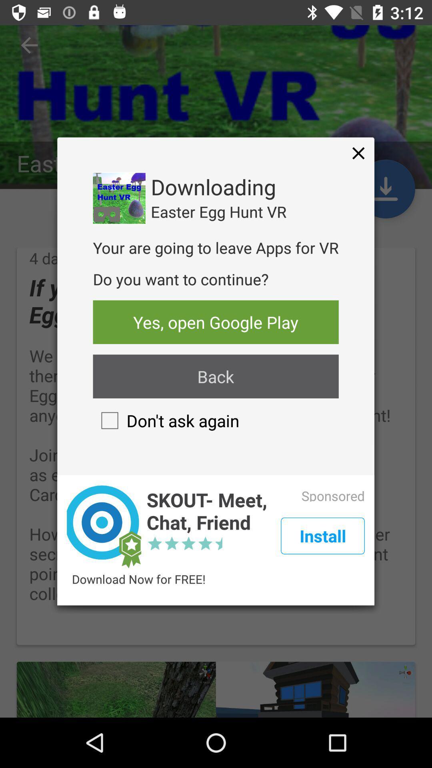 The height and width of the screenshot is (768, 432). Describe the element at coordinates (166, 420) in the screenshot. I see `icon below back icon` at that location.